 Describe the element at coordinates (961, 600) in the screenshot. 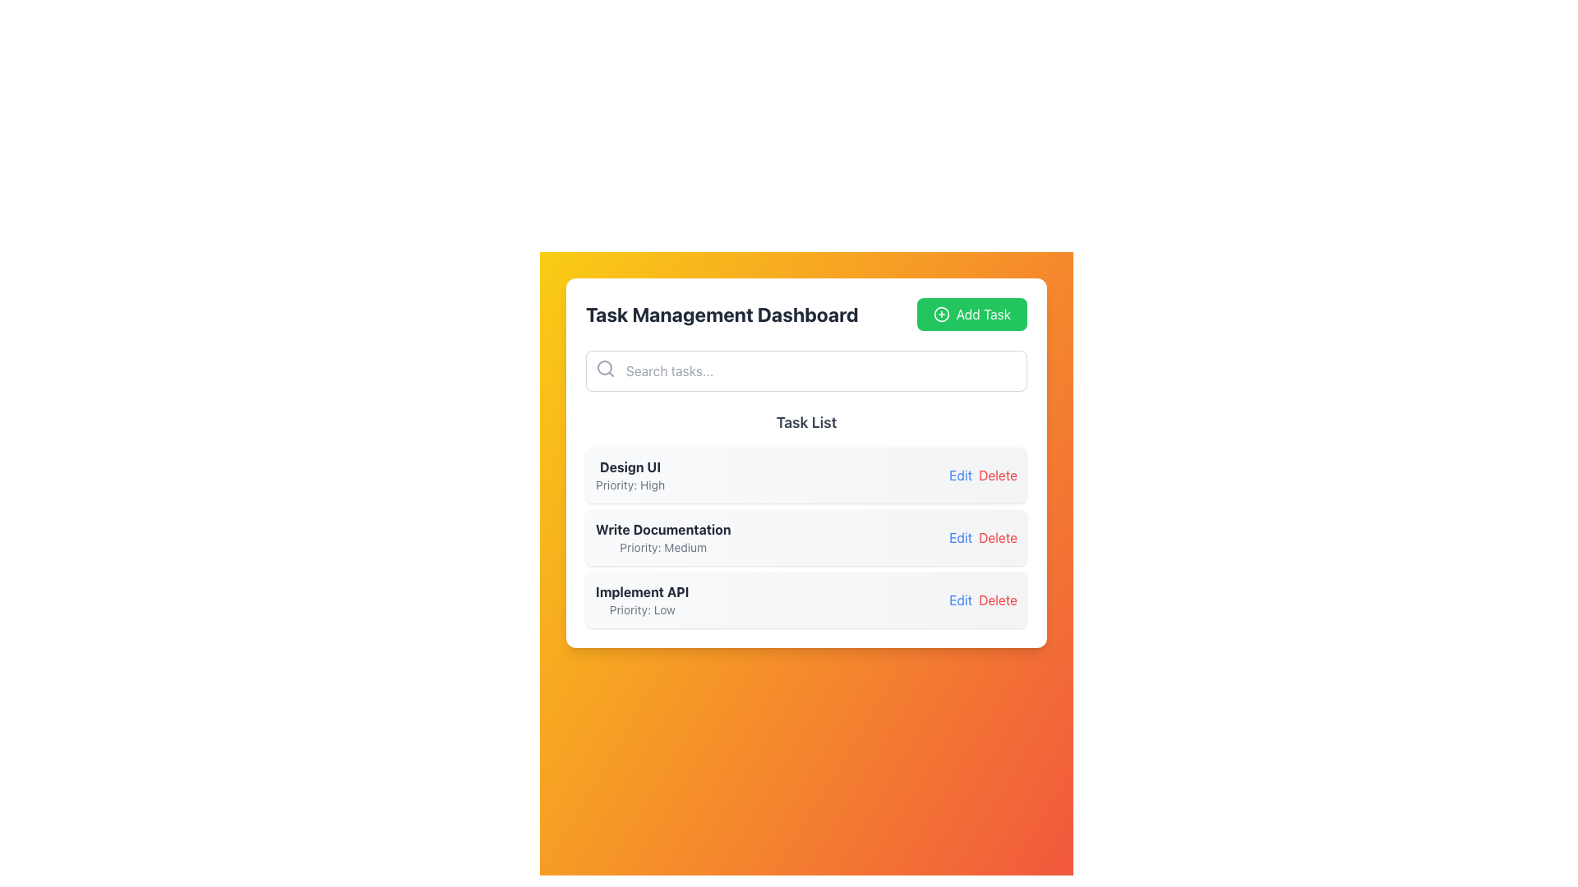

I see `the clickable text link labeled 'Edit' for the task 'Implement API' to underline it` at that location.